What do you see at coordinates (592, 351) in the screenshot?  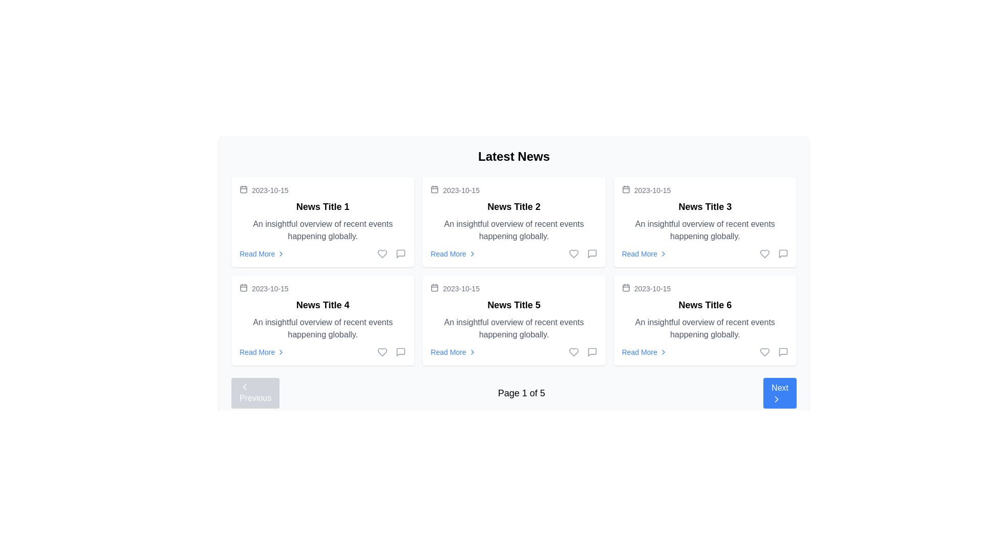 I see `the speech bubble icon located in the bottom-right corner of the 'News Title 5' card within the grid layout of news items` at bounding box center [592, 351].